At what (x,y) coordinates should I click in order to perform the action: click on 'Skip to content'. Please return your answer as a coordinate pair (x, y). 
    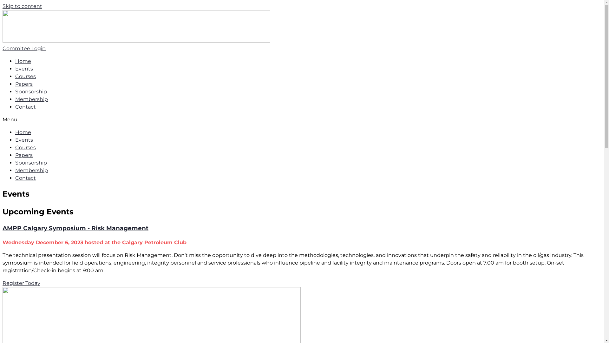
    Looking at the image, I should click on (22, 6).